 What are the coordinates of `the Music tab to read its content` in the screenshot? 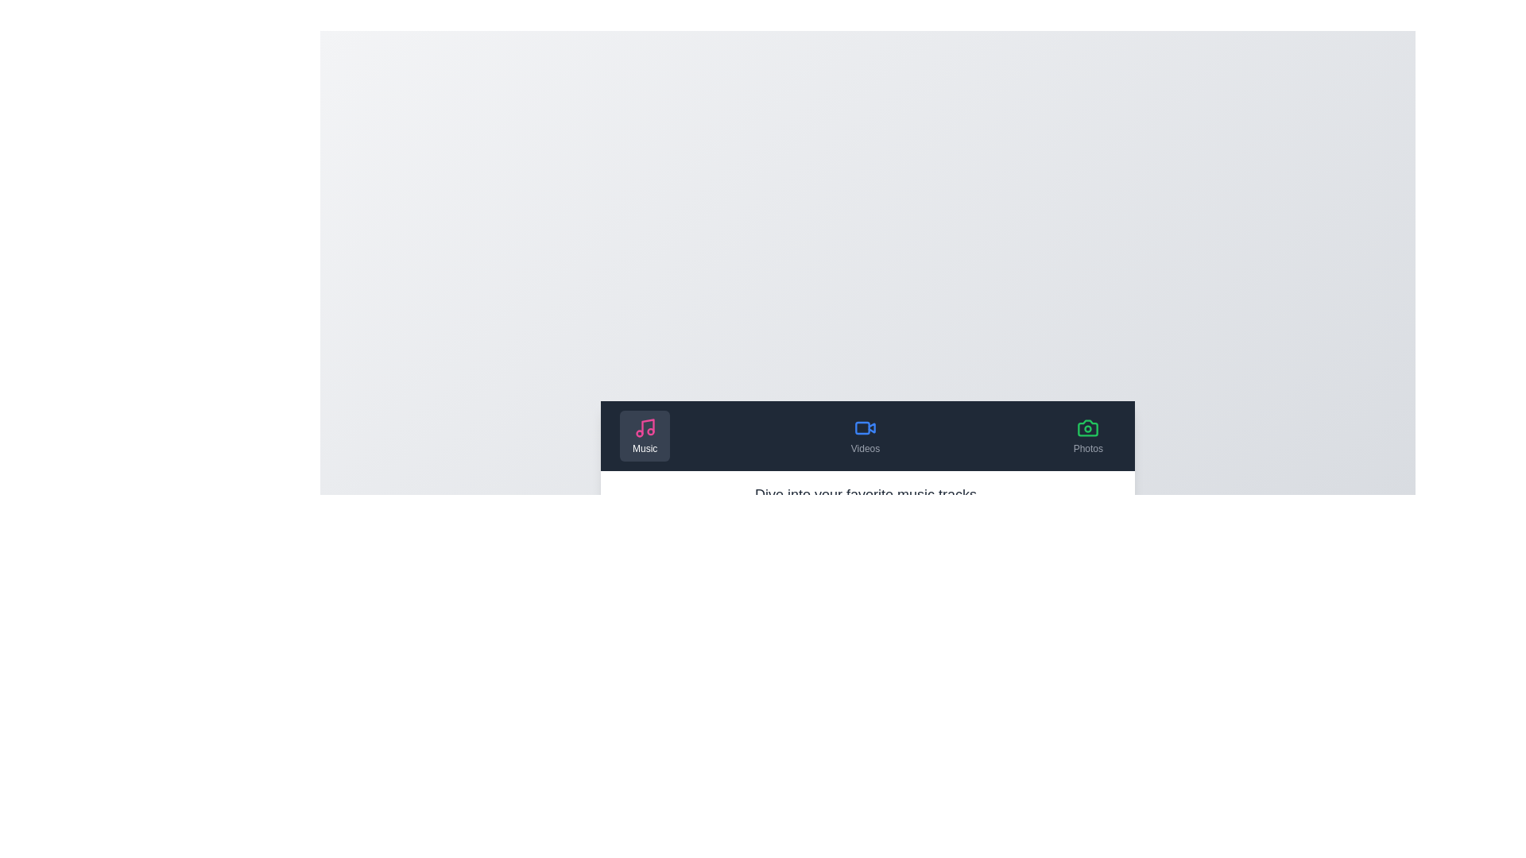 It's located at (645, 435).